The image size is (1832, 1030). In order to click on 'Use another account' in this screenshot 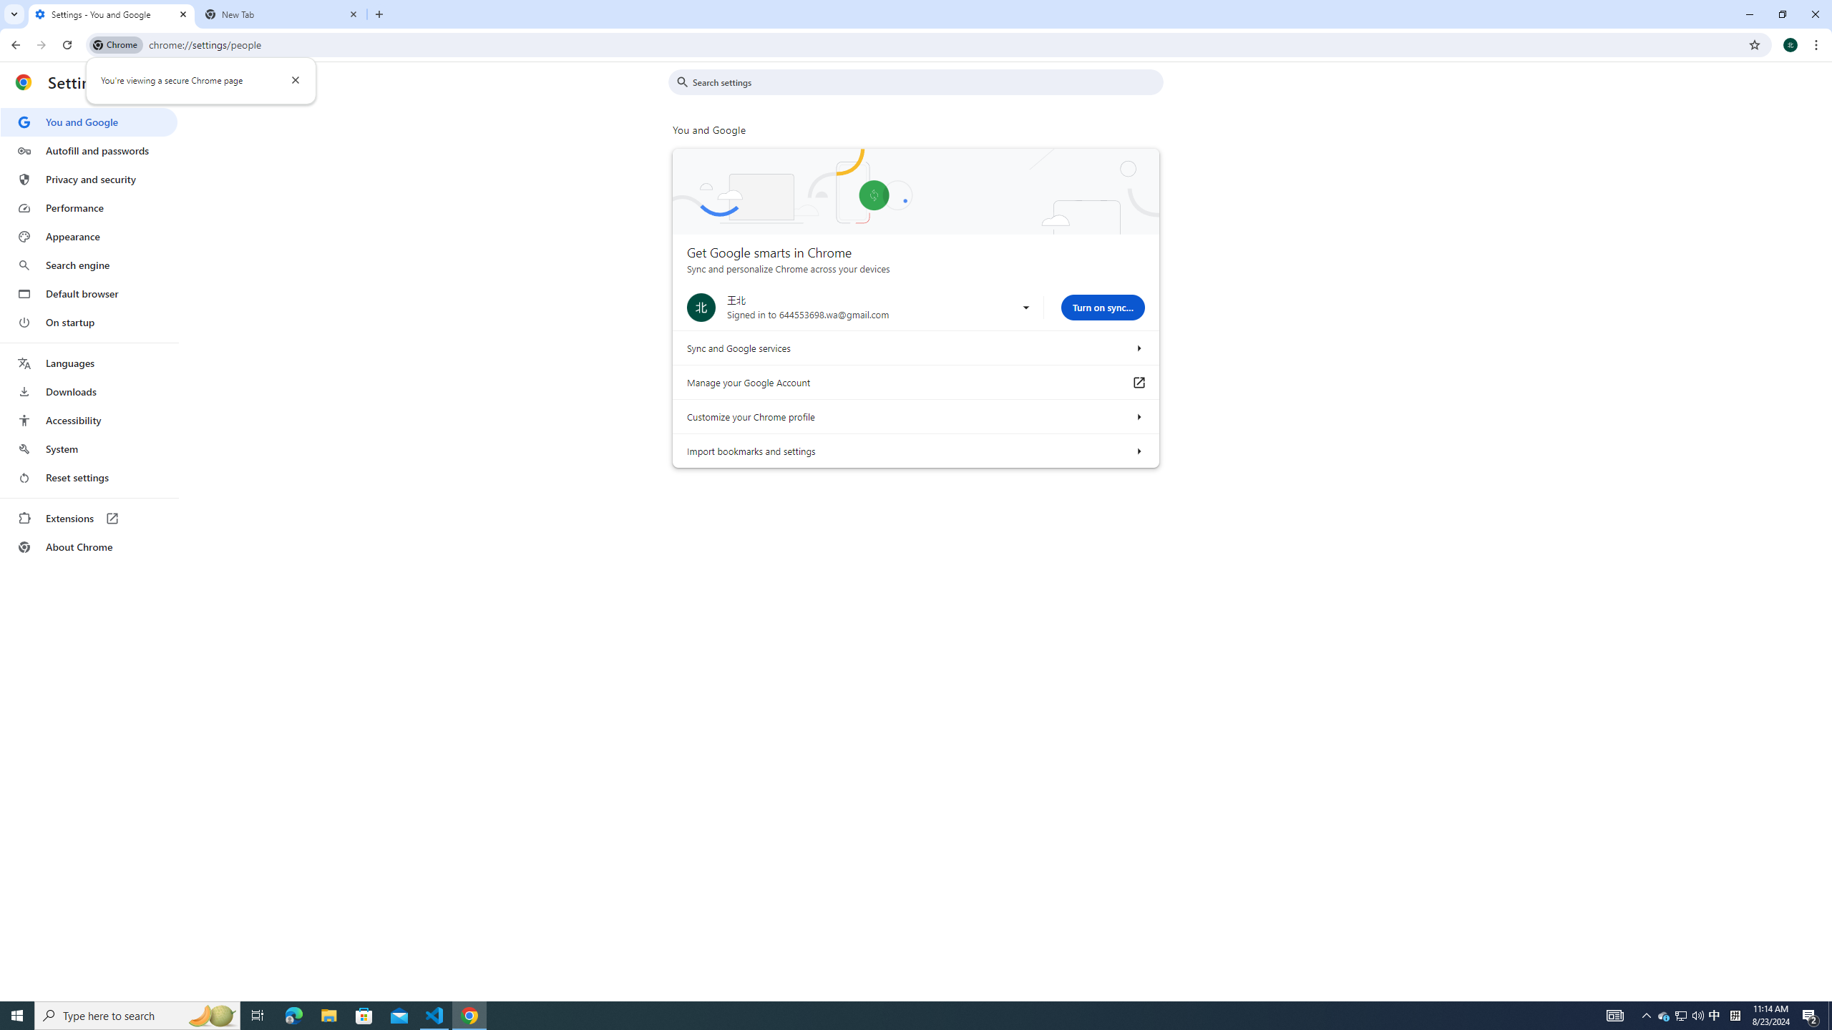, I will do `click(1025, 307)`.